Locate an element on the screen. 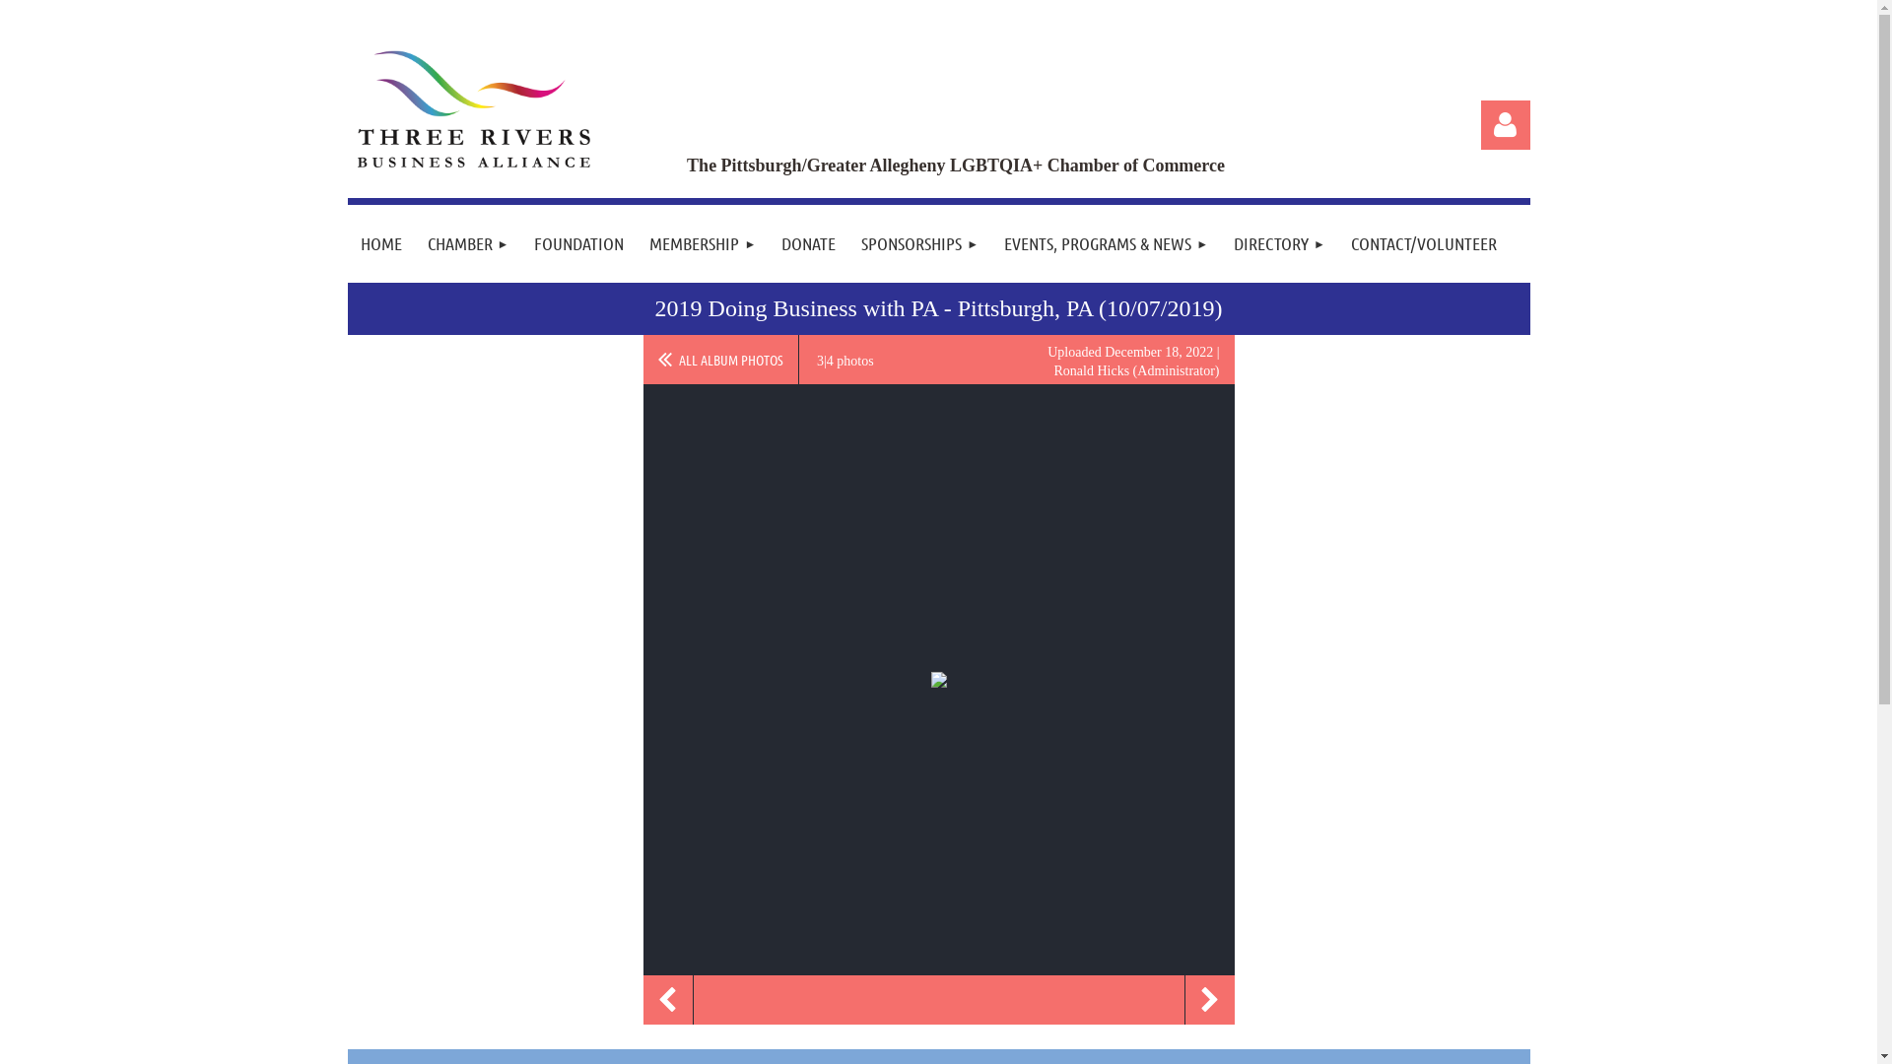 The image size is (1892, 1064). 'ALL ALBUM PHOTOS' is located at coordinates (718, 360).